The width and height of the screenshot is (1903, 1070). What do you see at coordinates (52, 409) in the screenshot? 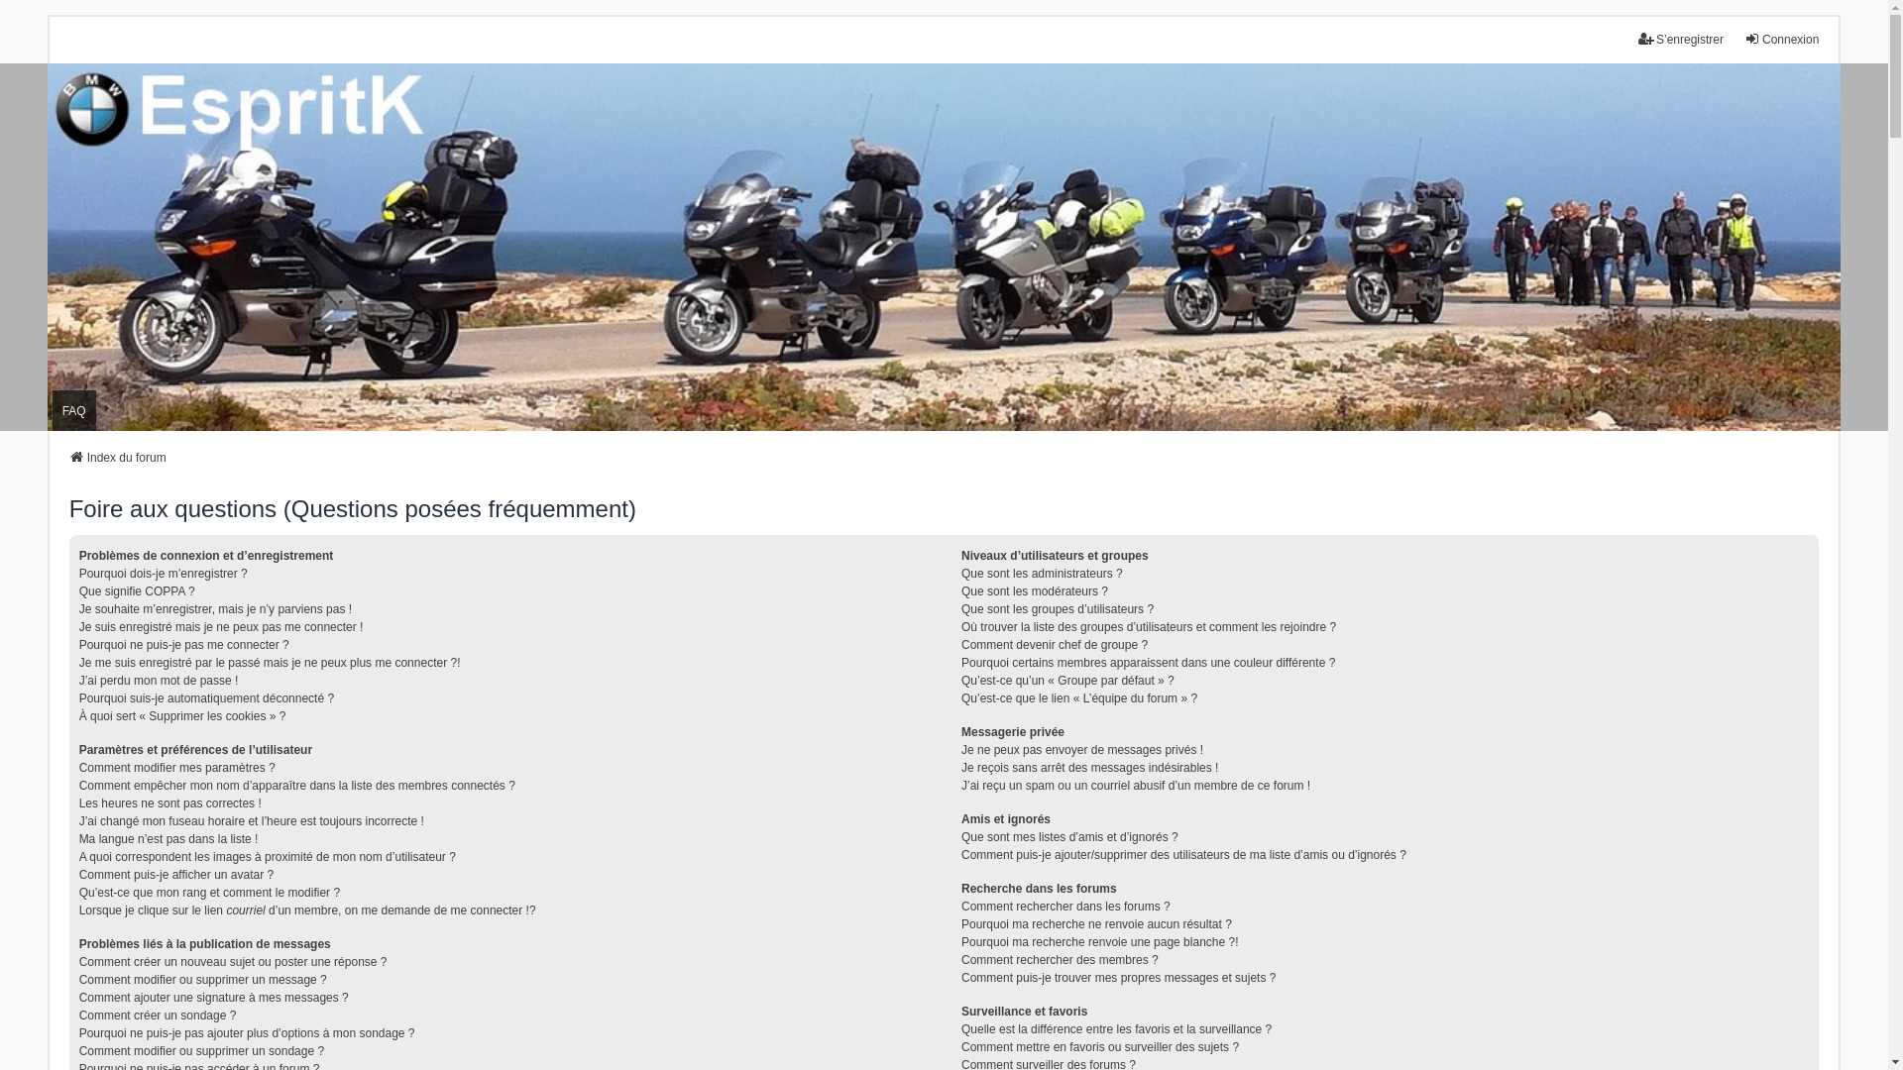
I see `'FAQ'` at bounding box center [52, 409].